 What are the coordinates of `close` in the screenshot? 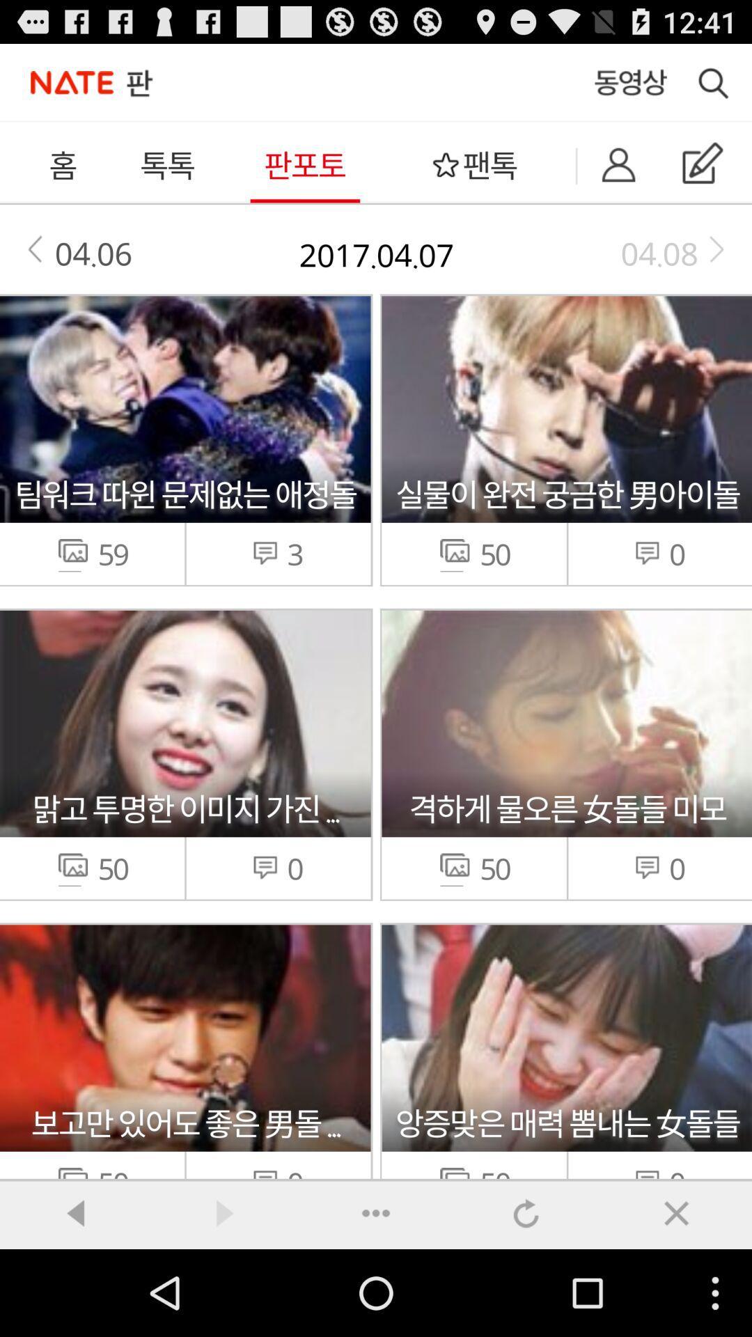 It's located at (676, 1212).